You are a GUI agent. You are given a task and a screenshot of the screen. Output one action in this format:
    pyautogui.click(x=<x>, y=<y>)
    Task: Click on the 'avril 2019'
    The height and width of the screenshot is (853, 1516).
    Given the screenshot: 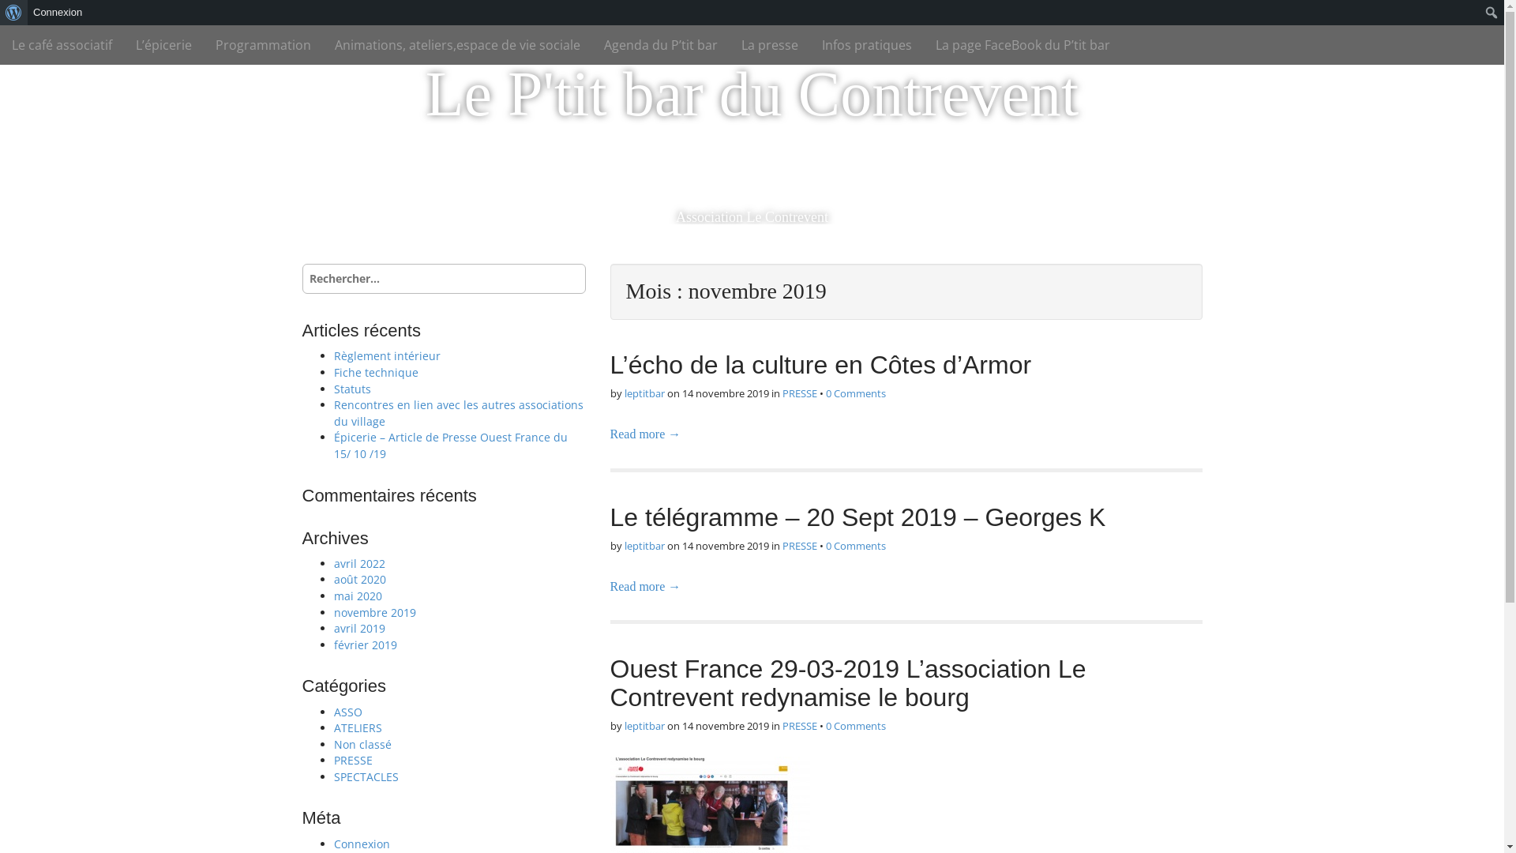 What is the action you would take?
    pyautogui.click(x=358, y=627)
    